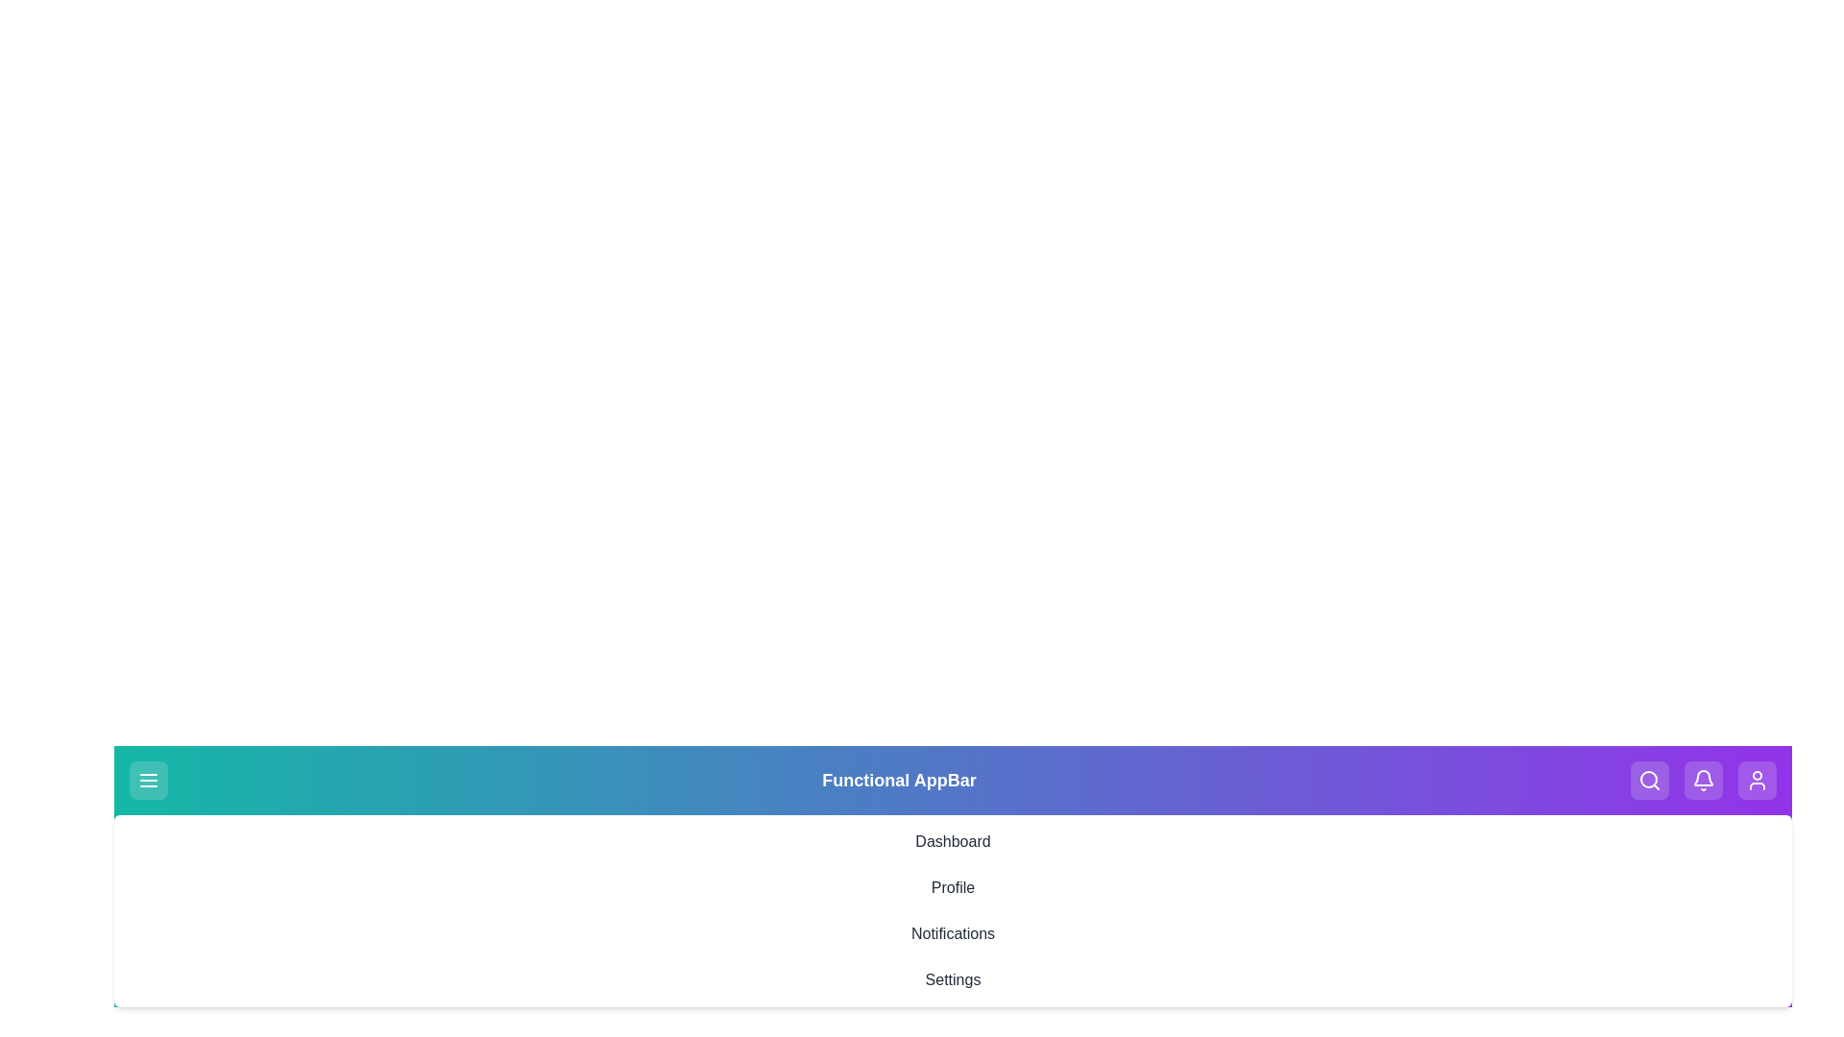 This screenshot has height=1037, width=1844. What do you see at coordinates (147, 781) in the screenshot?
I see `the menu button to toggle the menu visibility` at bounding box center [147, 781].